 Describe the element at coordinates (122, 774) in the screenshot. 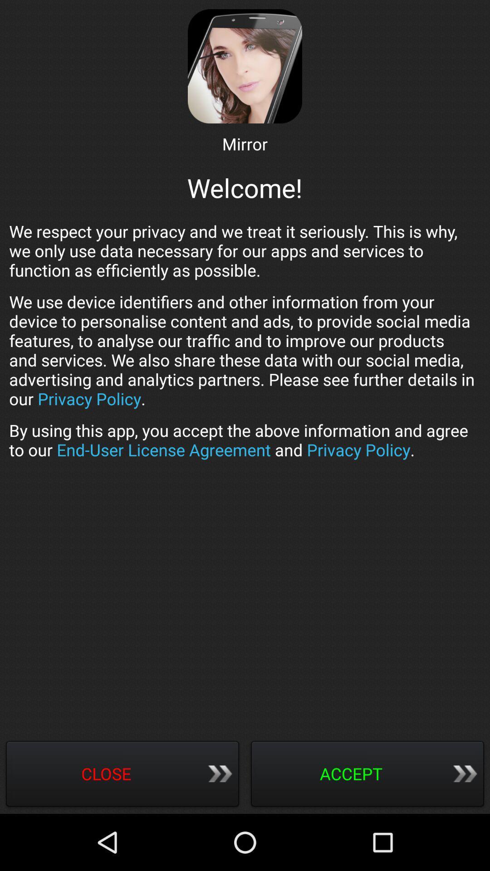

I see `close button` at that location.